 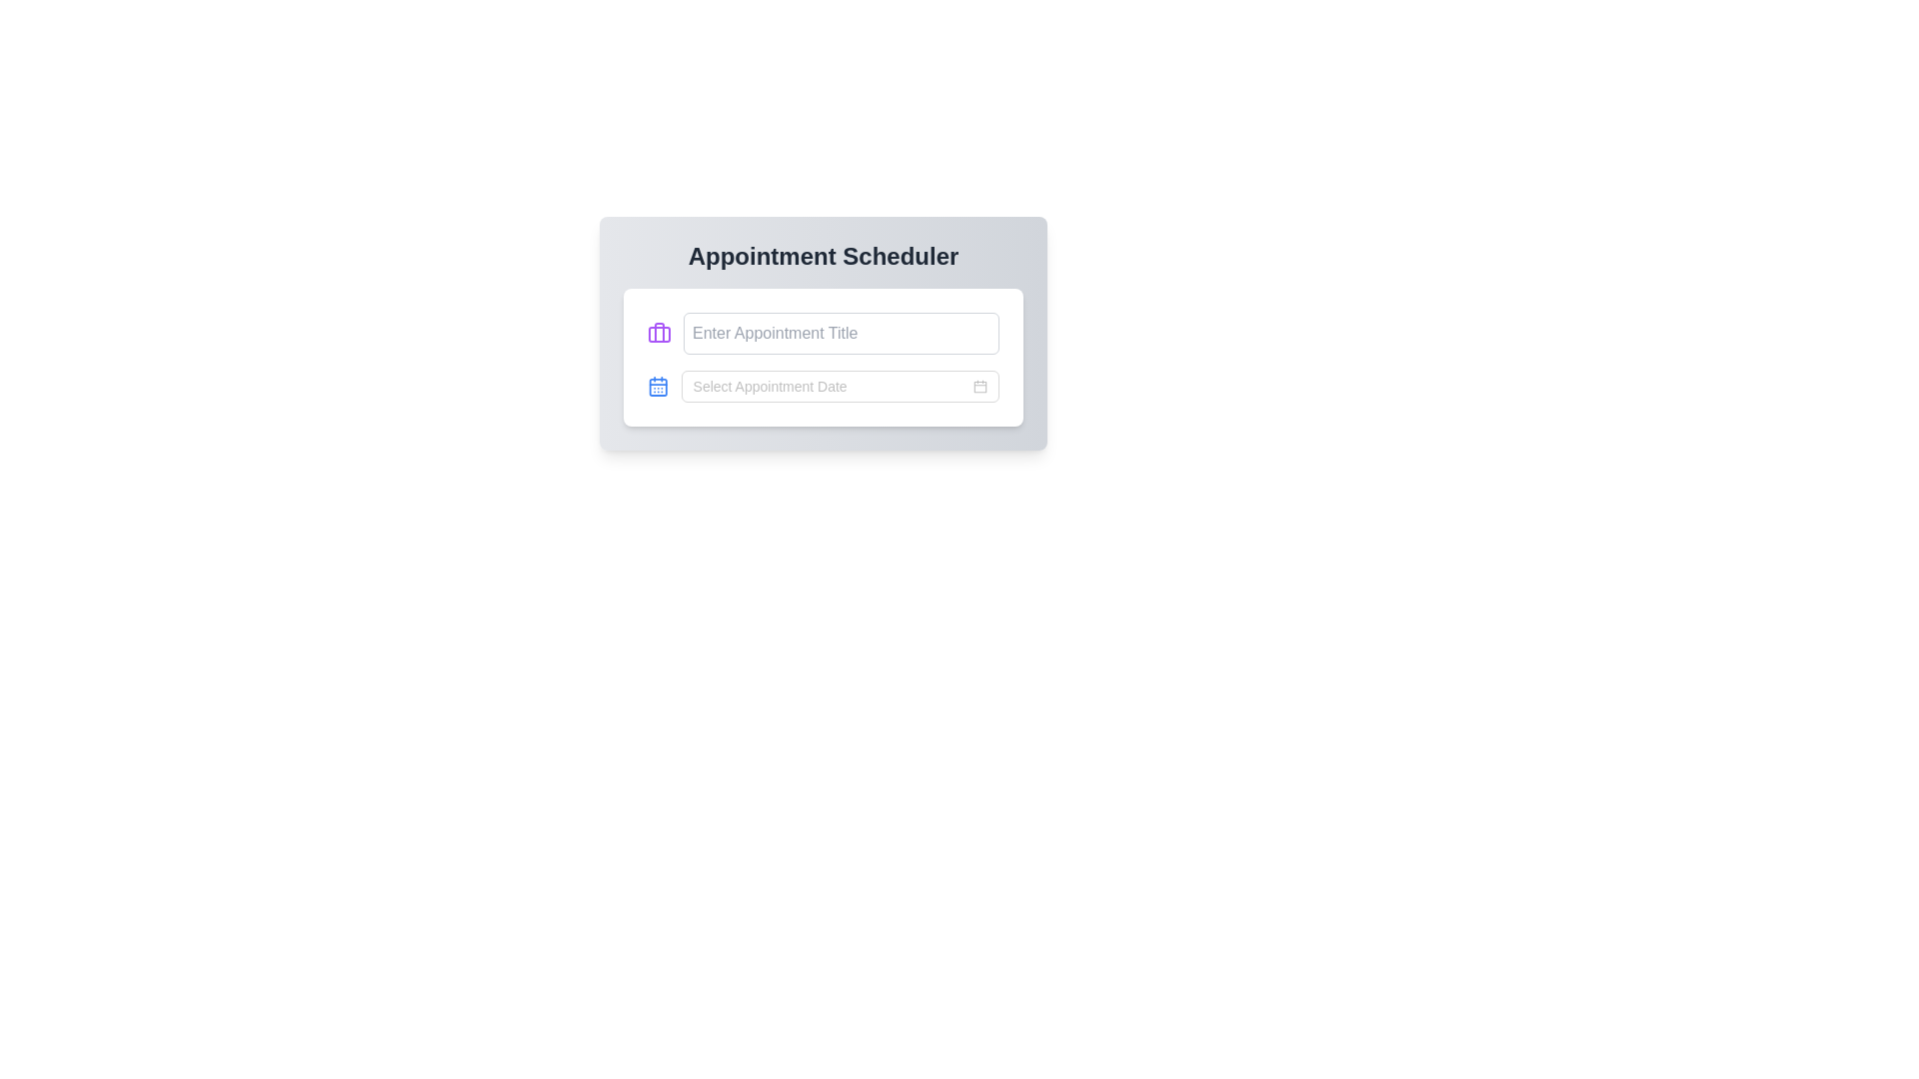 What do you see at coordinates (658, 386) in the screenshot?
I see `the date selection icon located to the left of the 'Select Appointment Date' input field in the scheduling form` at bounding box center [658, 386].